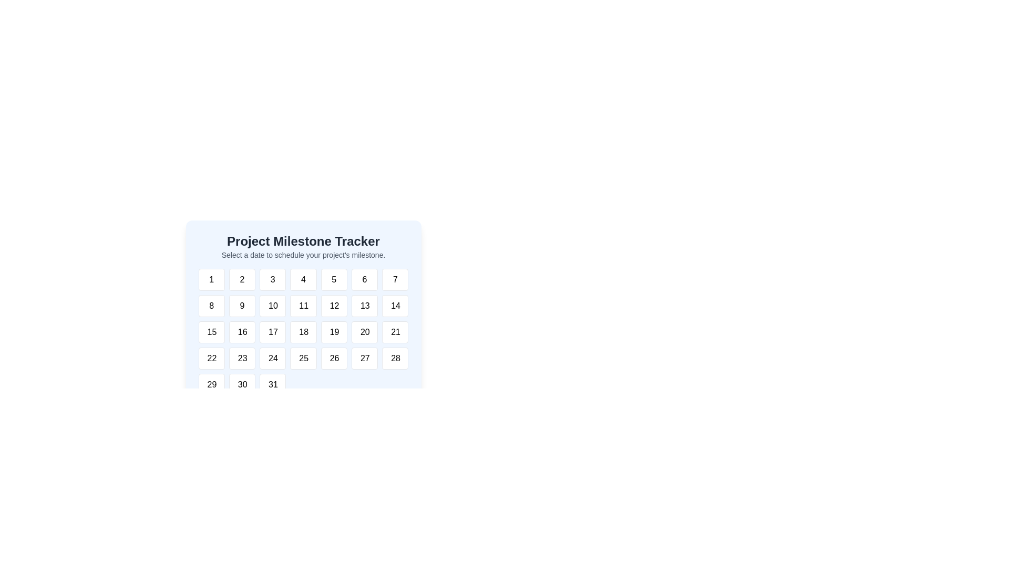  I want to click on on the Calendar date grid located in the 'Project Milestone Tracker' card, so click(303, 332).